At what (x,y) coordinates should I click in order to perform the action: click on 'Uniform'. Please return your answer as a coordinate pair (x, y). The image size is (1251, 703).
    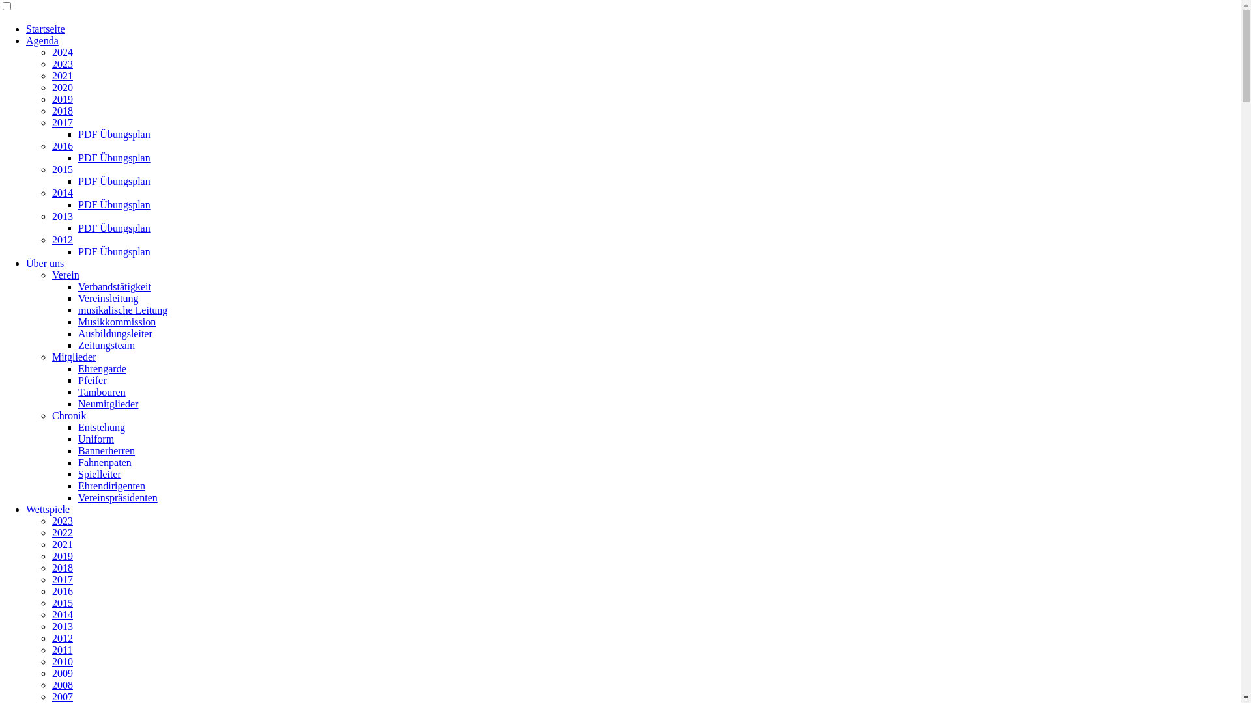
    Looking at the image, I should click on (78, 439).